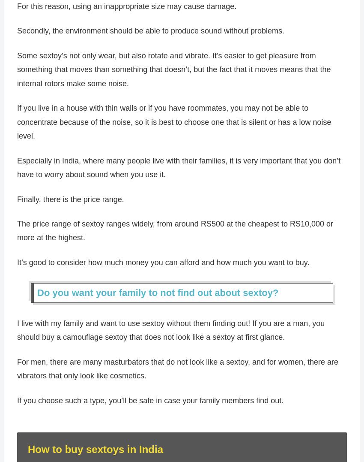  What do you see at coordinates (95, 453) in the screenshot?
I see `'How to buy sextoys in India'` at bounding box center [95, 453].